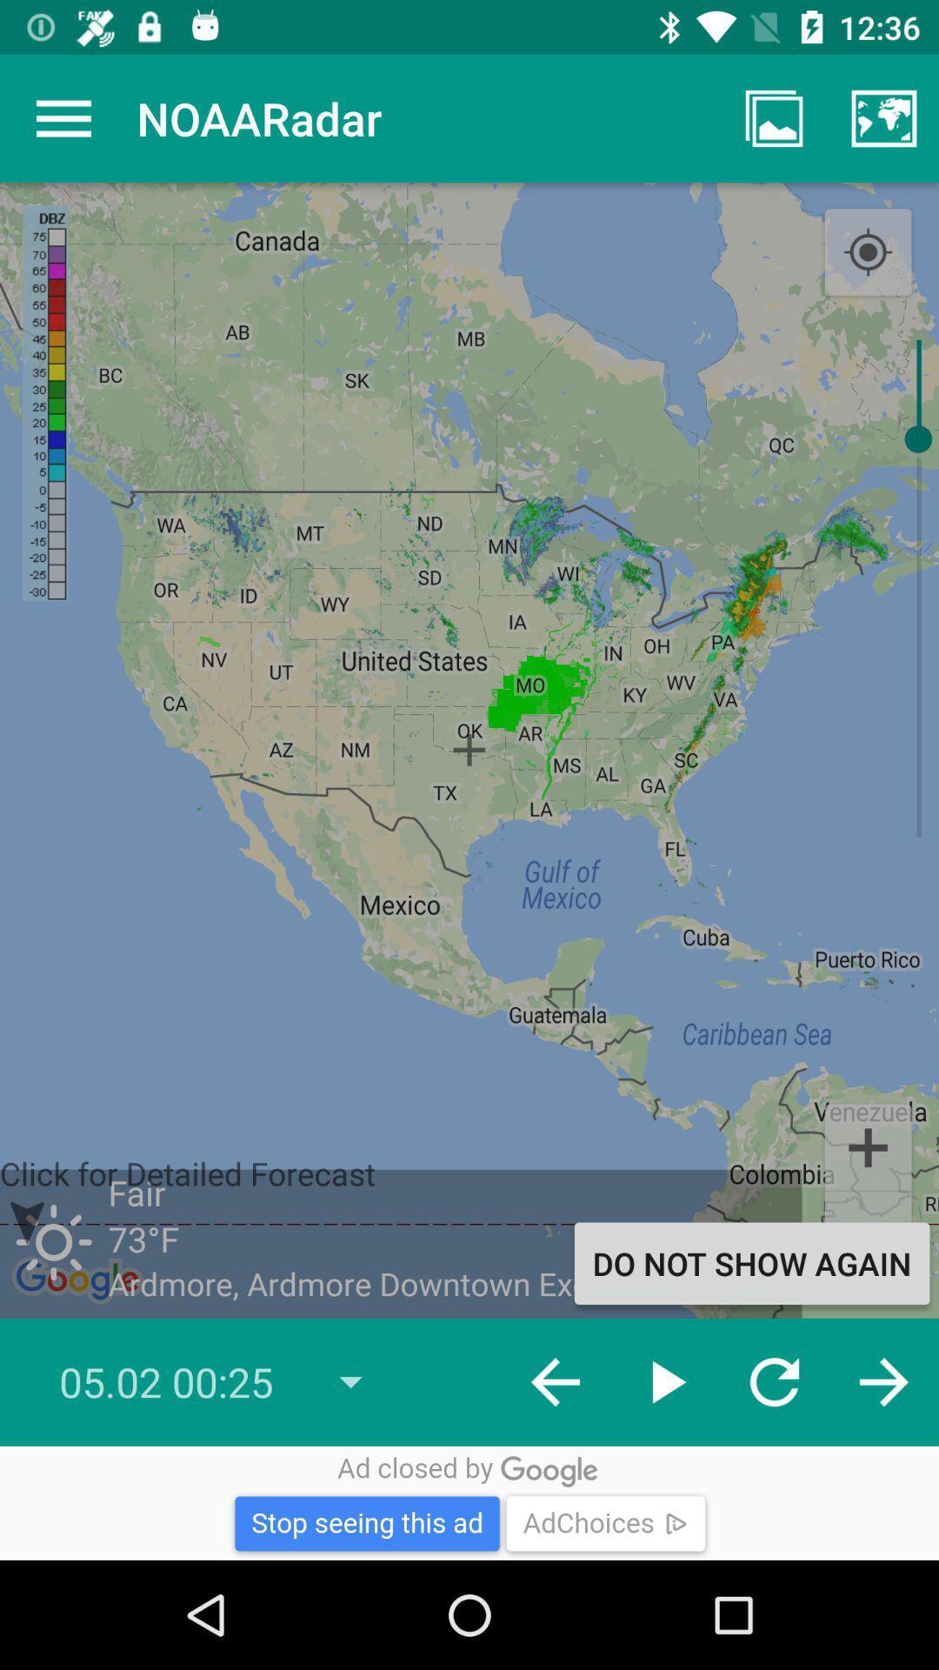 This screenshot has width=939, height=1670. I want to click on the location_crosshair icon, so click(868, 252).